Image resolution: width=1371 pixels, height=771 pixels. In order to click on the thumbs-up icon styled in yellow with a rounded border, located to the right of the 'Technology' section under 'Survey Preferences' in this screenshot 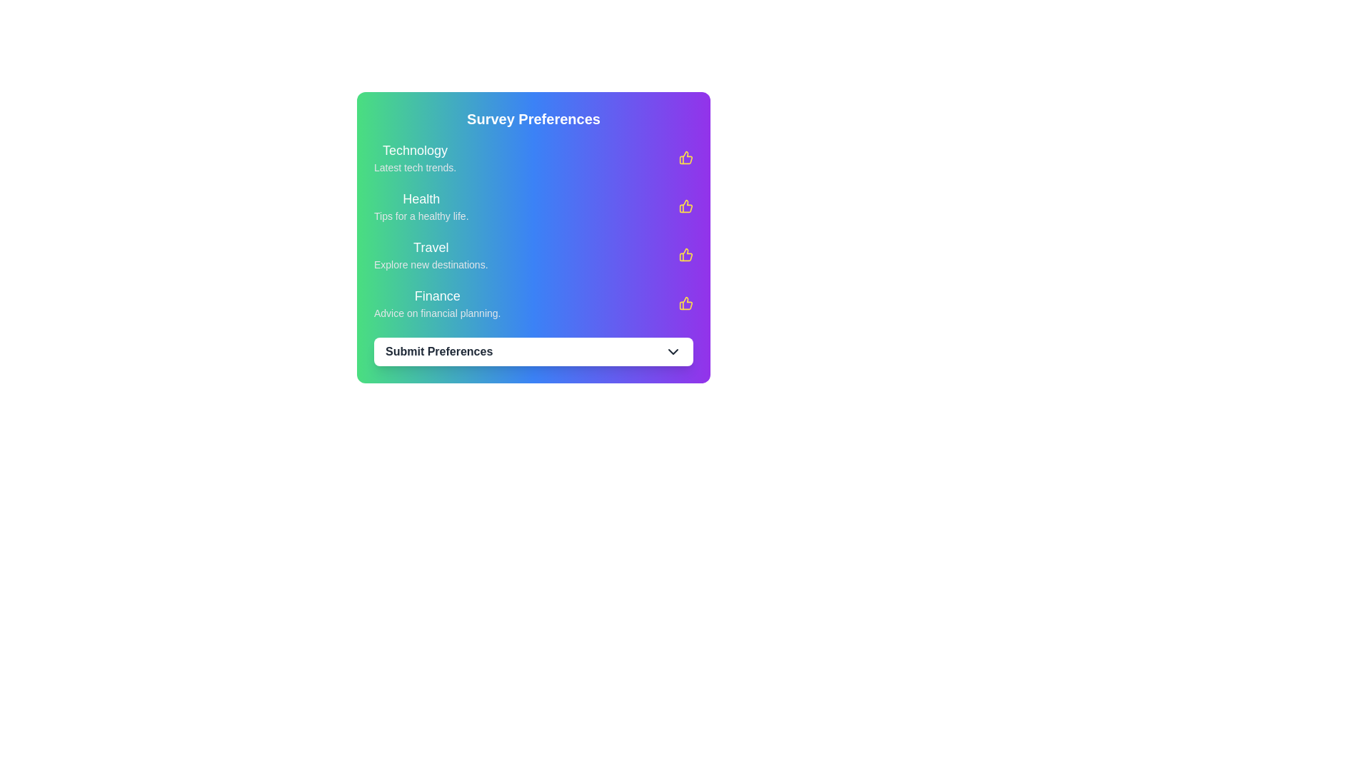, I will do `click(685, 157)`.